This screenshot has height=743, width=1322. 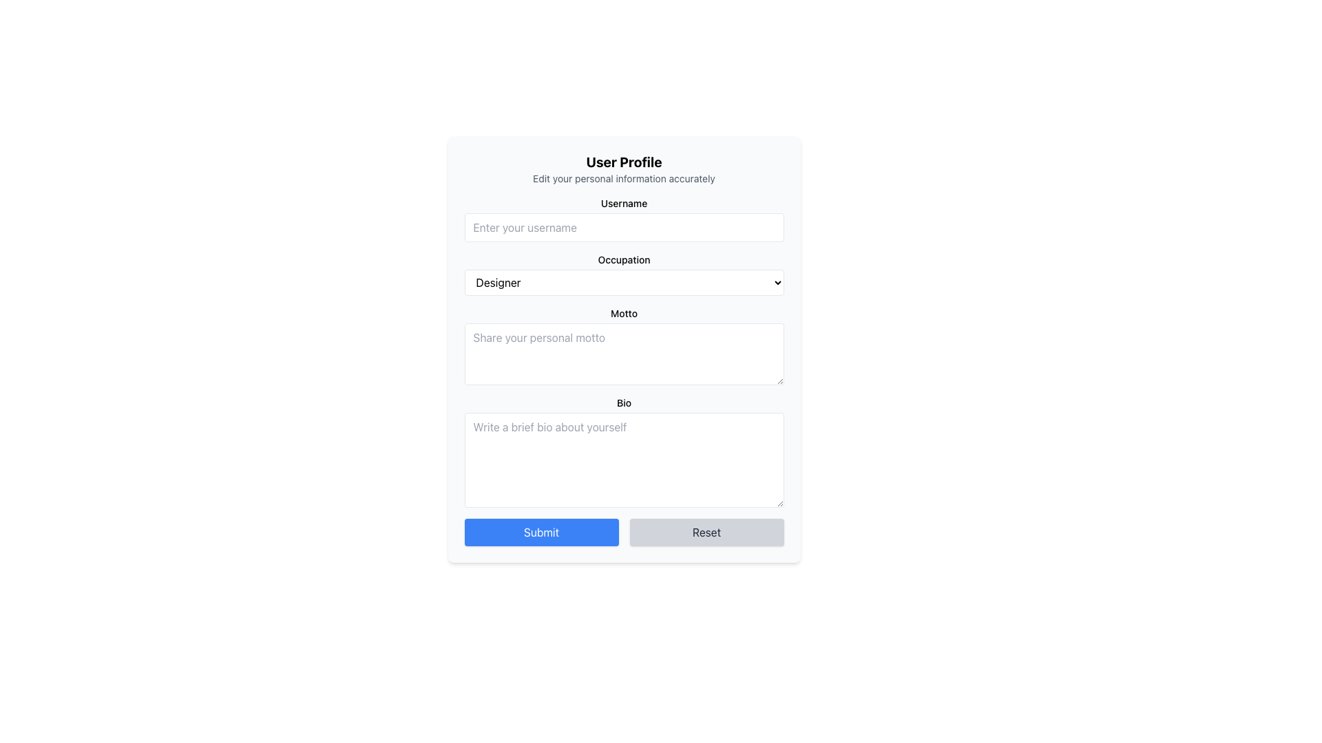 What do you see at coordinates (541, 532) in the screenshot?
I see `the 'Submit' button located in the left column of a two-column layout` at bounding box center [541, 532].